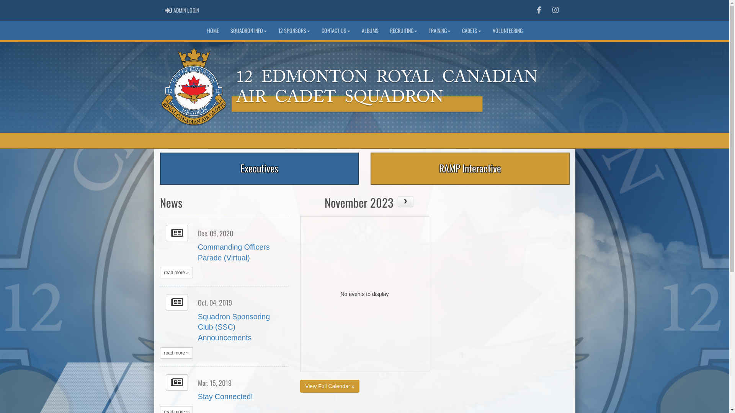 Image resolution: width=735 pixels, height=413 pixels. What do you see at coordinates (370, 30) in the screenshot?
I see `'ALBUMS'` at bounding box center [370, 30].